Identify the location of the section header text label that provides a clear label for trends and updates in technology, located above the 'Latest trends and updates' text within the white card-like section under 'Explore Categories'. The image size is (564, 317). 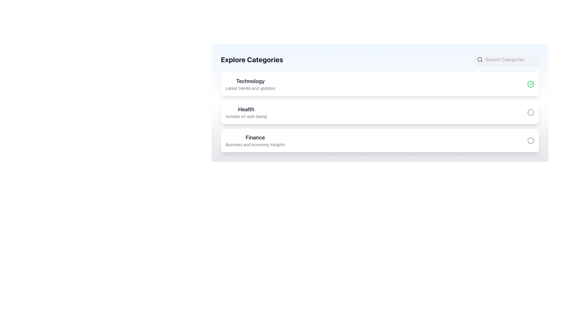
(250, 81).